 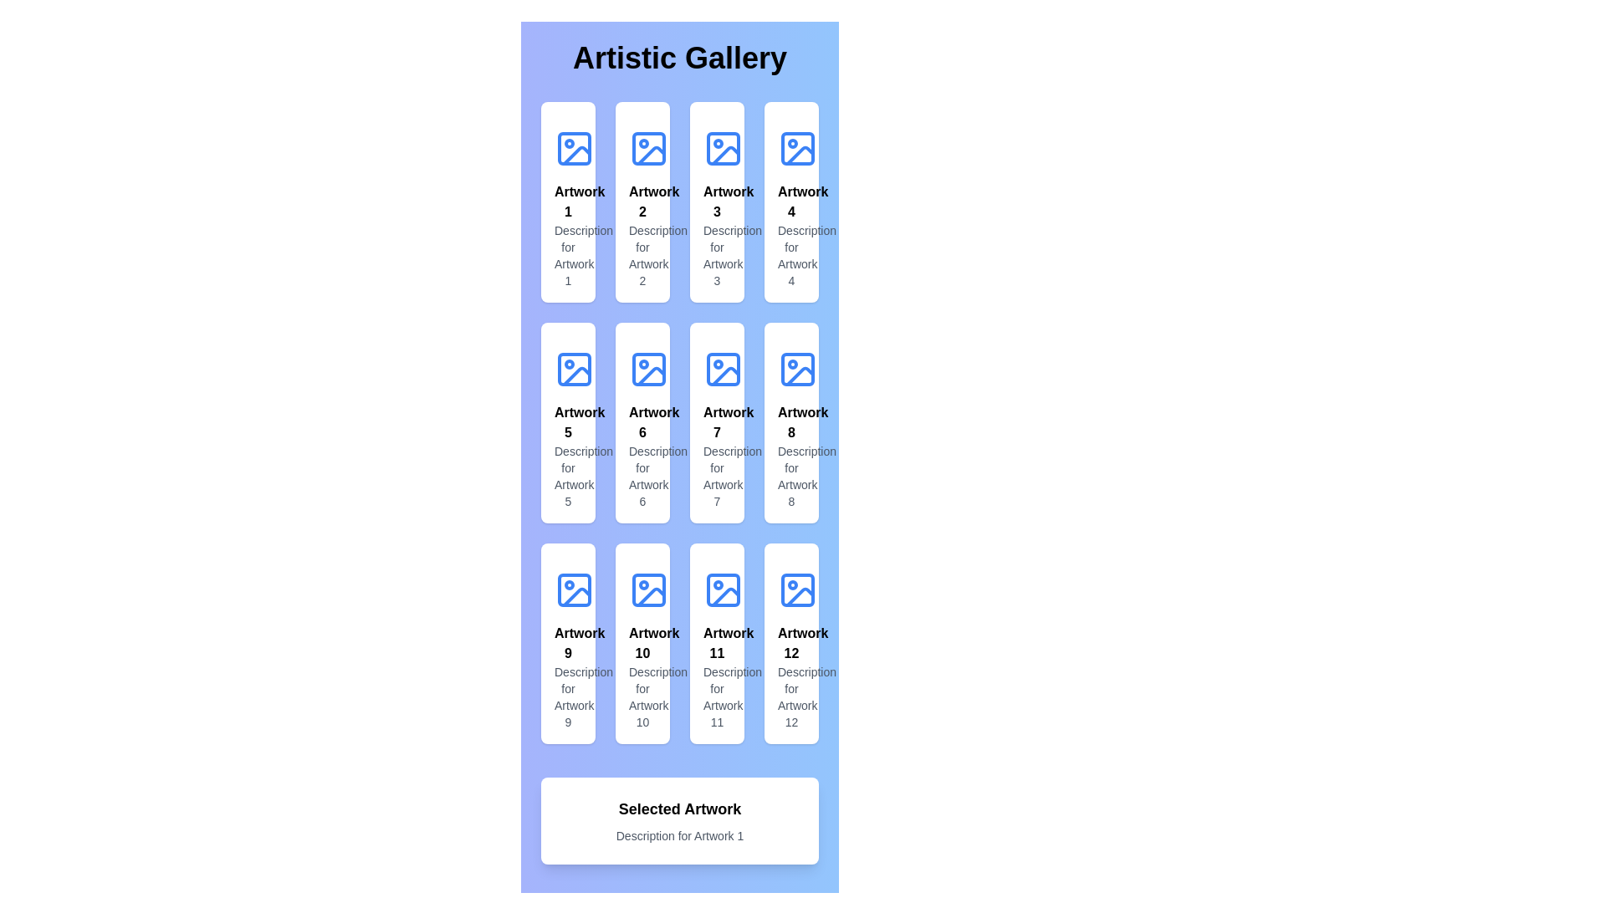 What do you see at coordinates (568, 255) in the screenshot?
I see `the Text Label providing additional context for 'Artwork 1' in the Artistic Gallery interface` at bounding box center [568, 255].